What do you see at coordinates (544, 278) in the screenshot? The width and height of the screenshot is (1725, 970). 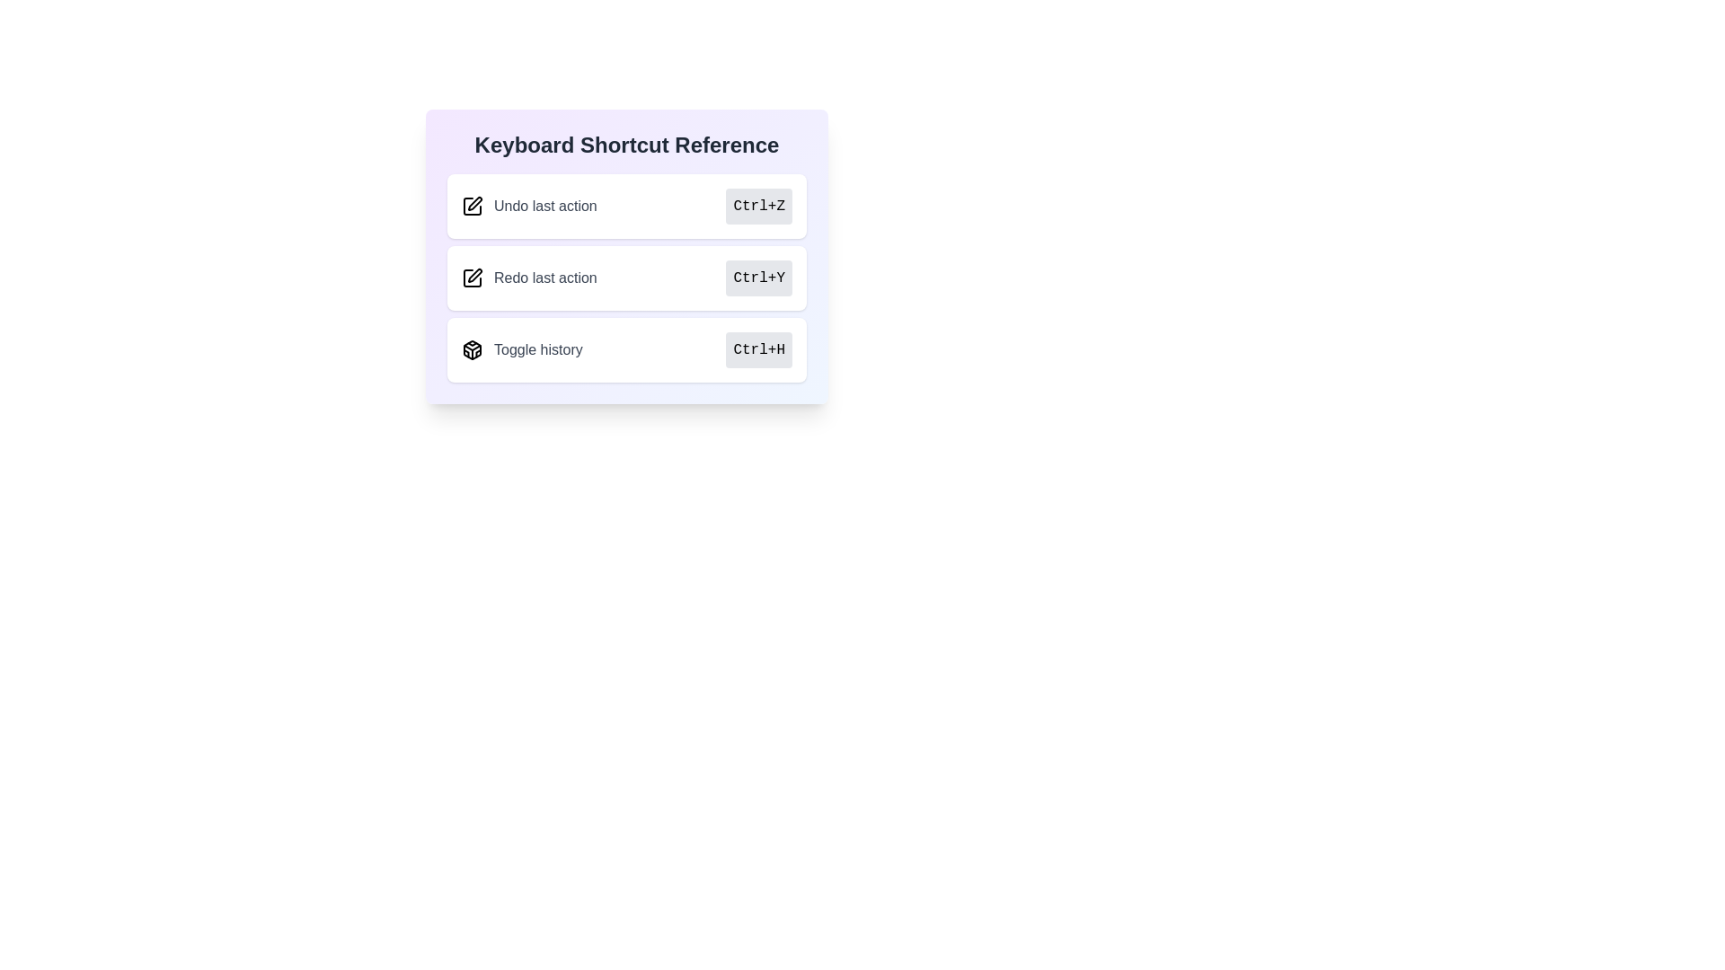 I see `the text label that describes the keyboard shortcut action, located in the middle row of the 'Keyboard Shortcut Reference' section, between 'Undo last action' and 'Toggle history'` at bounding box center [544, 278].